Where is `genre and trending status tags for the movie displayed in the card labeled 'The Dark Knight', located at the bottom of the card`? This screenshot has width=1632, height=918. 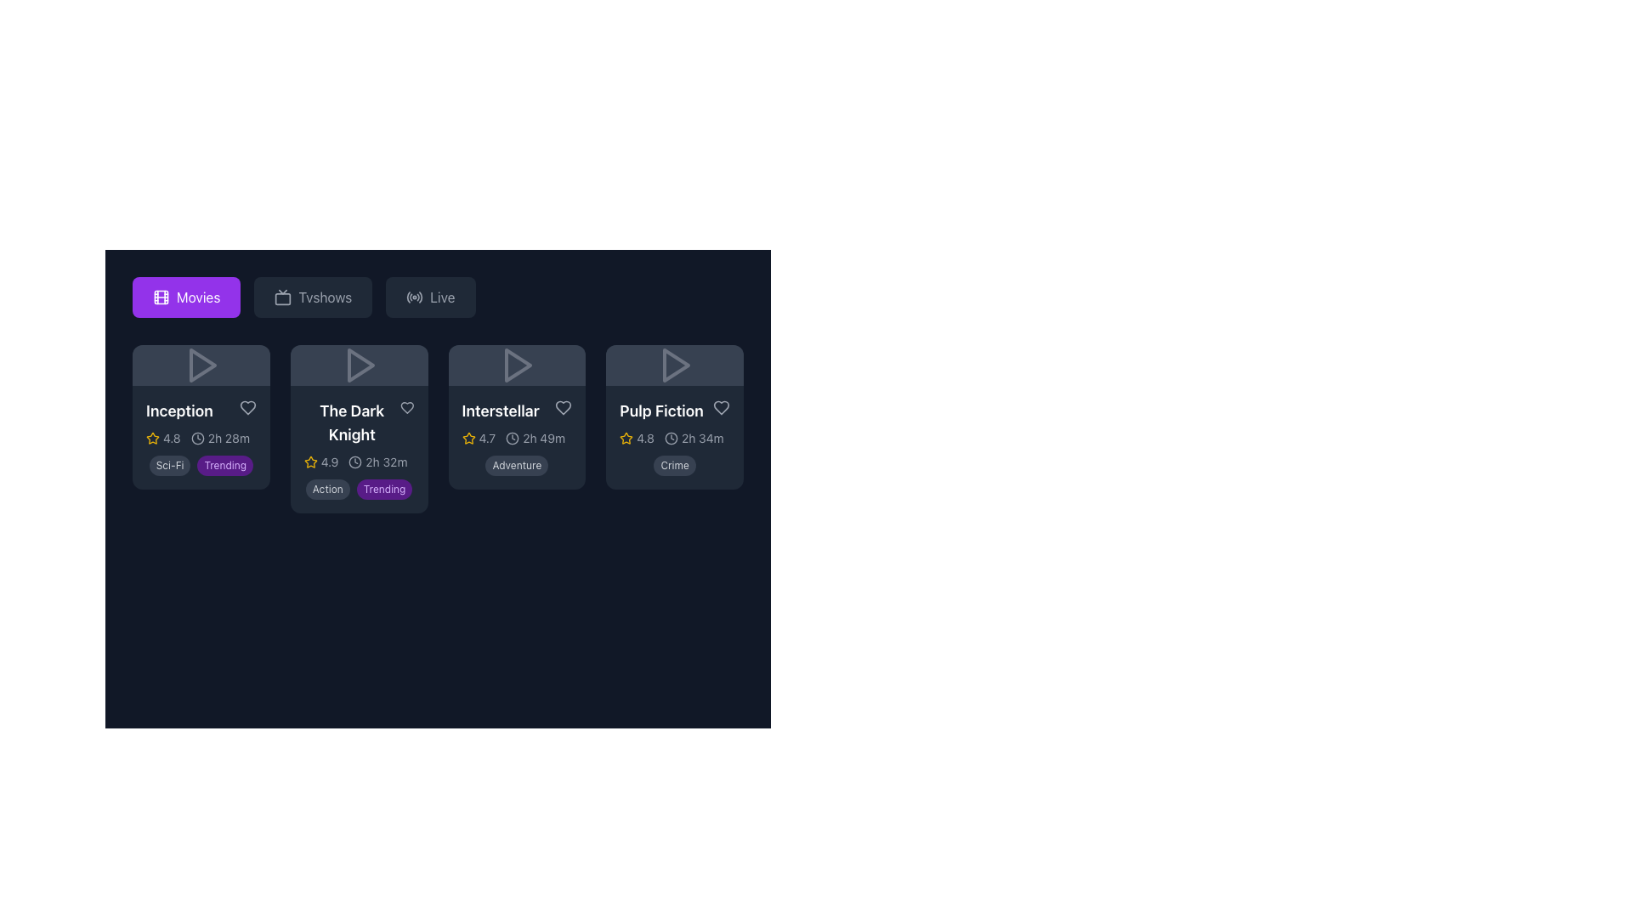
genre and trending status tags for the movie displayed in the card labeled 'The Dark Knight', located at the bottom of the card is located at coordinates (358, 488).